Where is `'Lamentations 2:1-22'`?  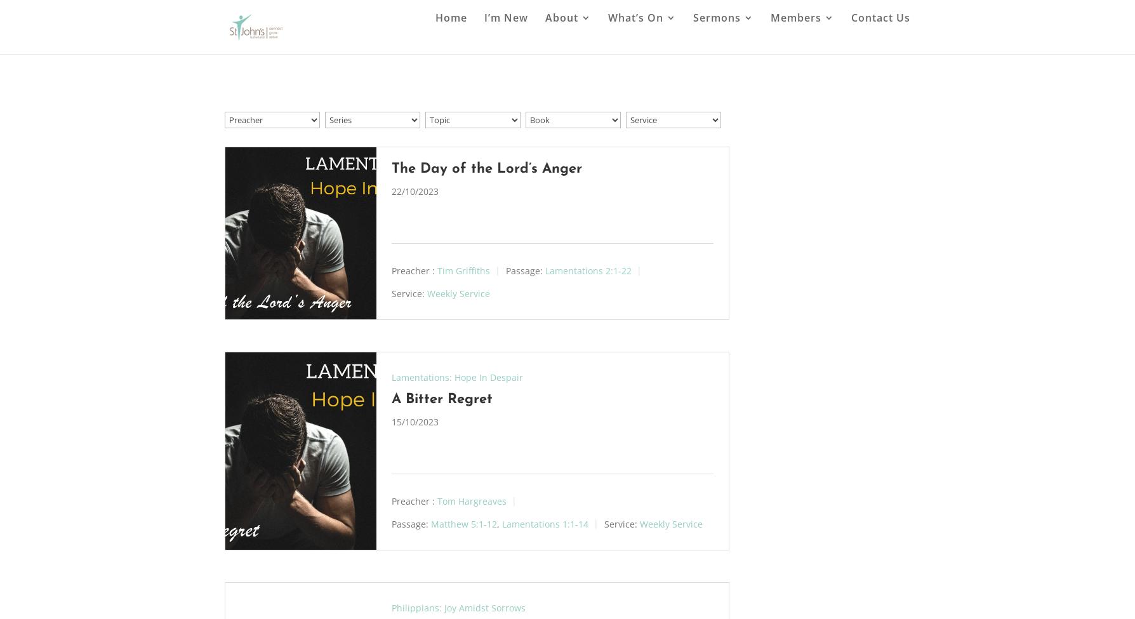
'Lamentations 2:1-22' is located at coordinates (588, 270).